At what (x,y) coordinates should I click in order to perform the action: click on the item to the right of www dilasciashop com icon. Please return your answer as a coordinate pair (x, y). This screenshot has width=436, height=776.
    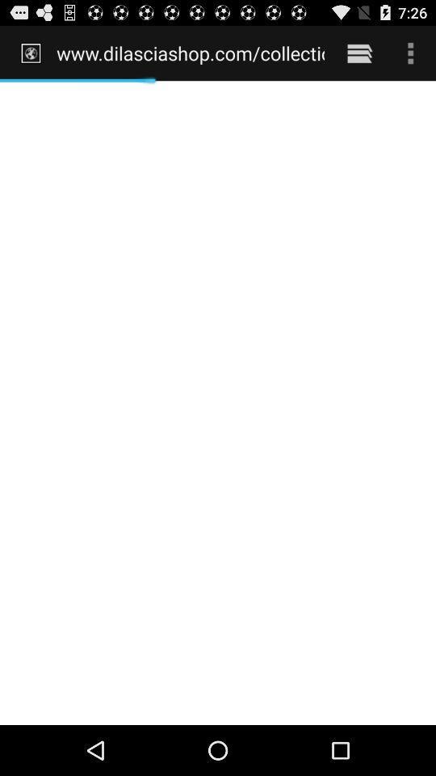
    Looking at the image, I should click on (359, 53).